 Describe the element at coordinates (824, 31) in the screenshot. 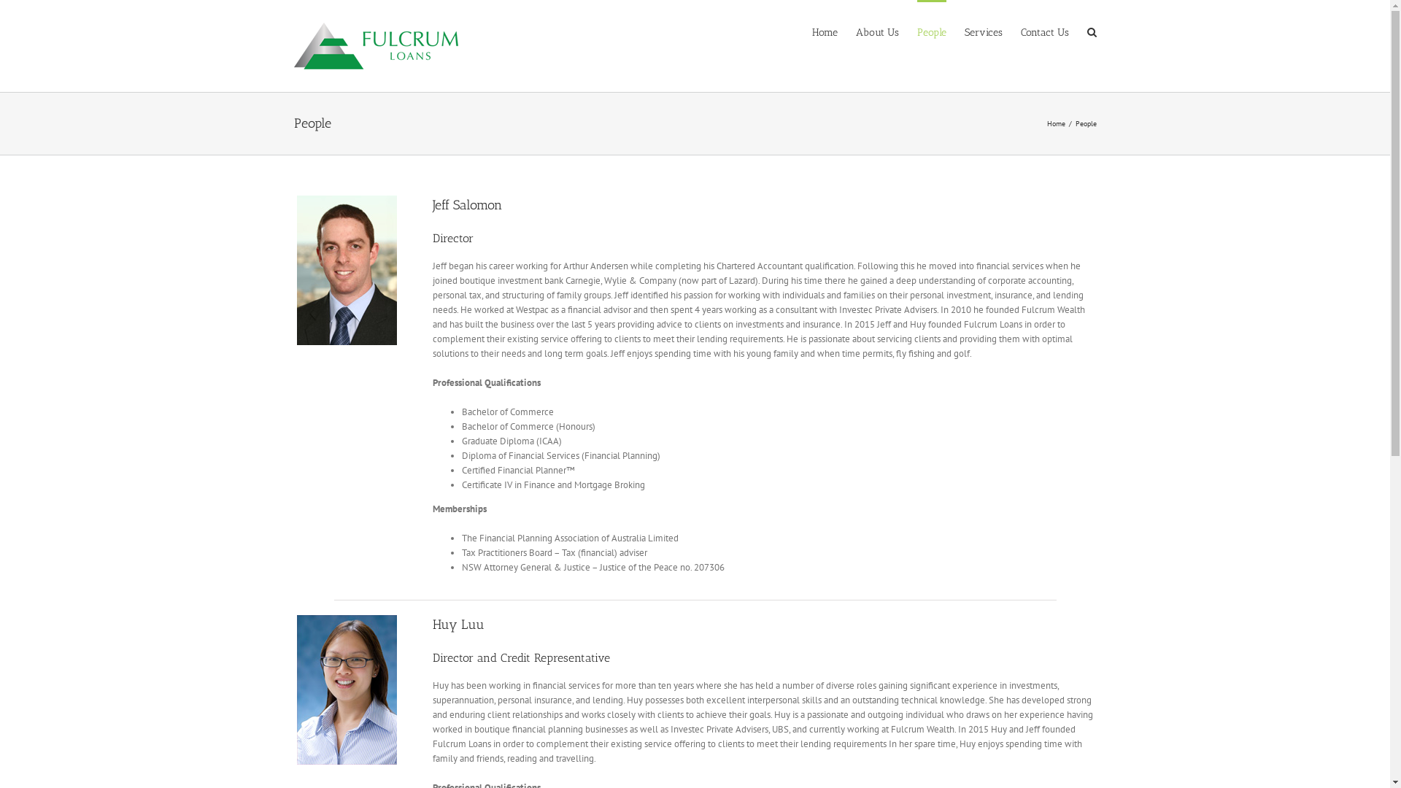

I see `'Home'` at that location.